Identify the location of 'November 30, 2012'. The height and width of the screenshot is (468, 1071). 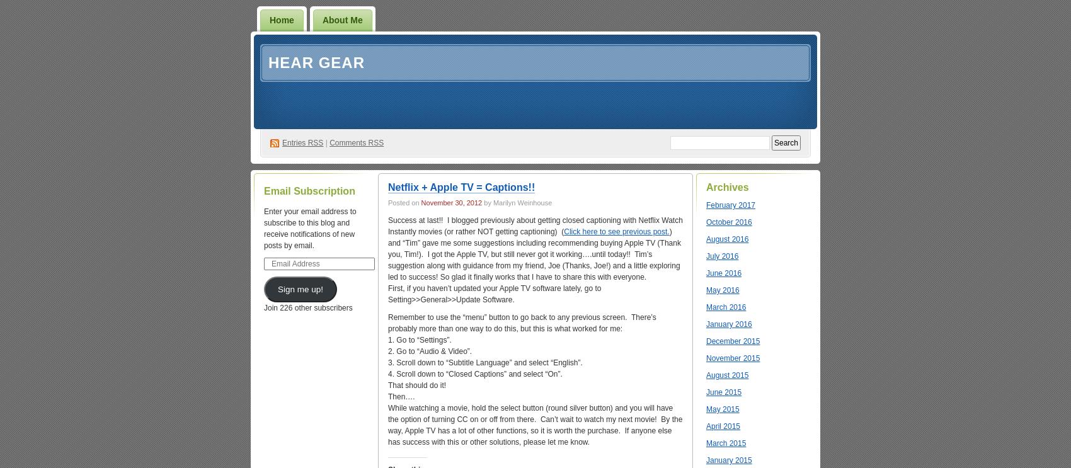
(451, 202).